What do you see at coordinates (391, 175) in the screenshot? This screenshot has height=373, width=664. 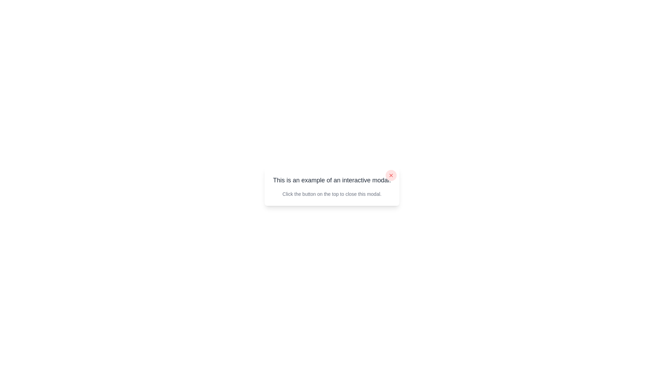 I see `the close button located in the top-right corner of the modal dialog box` at bounding box center [391, 175].